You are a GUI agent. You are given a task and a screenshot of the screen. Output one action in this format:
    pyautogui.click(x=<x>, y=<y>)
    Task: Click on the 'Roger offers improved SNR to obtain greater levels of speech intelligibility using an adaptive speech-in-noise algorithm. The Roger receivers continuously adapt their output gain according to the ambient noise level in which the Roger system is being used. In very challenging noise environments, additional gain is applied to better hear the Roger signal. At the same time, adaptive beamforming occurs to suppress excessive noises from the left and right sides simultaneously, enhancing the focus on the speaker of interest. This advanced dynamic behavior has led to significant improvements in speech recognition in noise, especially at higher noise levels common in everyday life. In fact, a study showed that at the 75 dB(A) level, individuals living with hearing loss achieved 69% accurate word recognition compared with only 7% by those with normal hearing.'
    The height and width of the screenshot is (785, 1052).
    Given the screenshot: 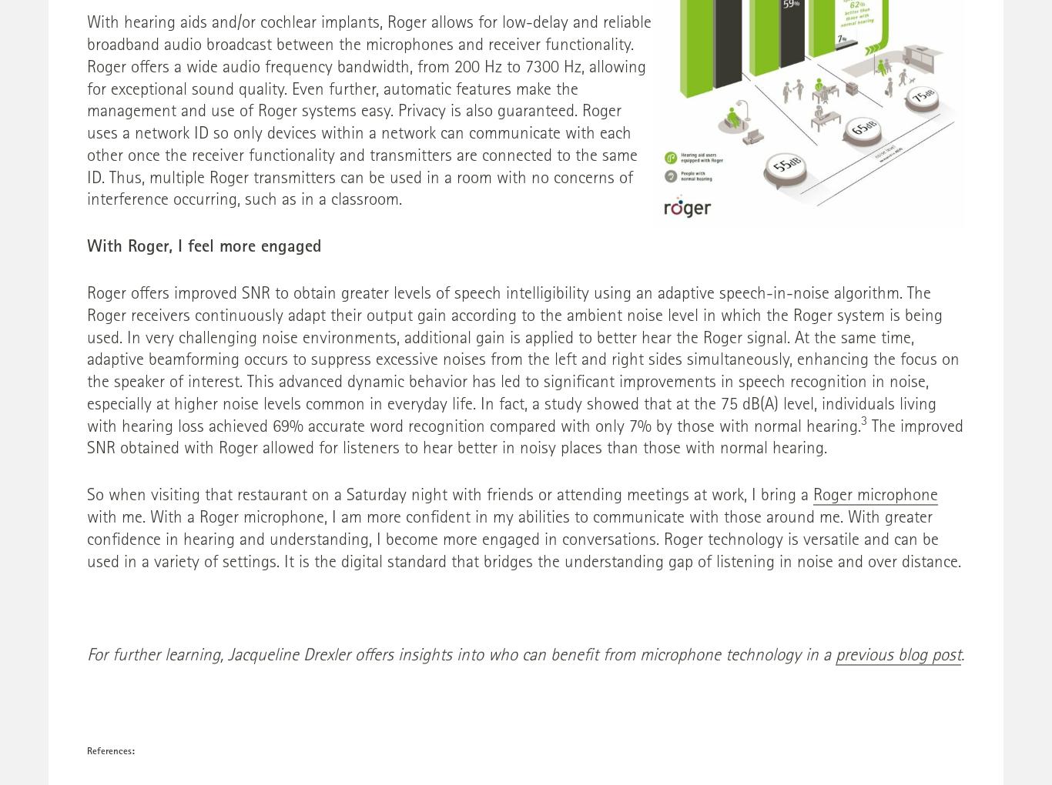 What is the action you would take?
    pyautogui.click(x=522, y=361)
    